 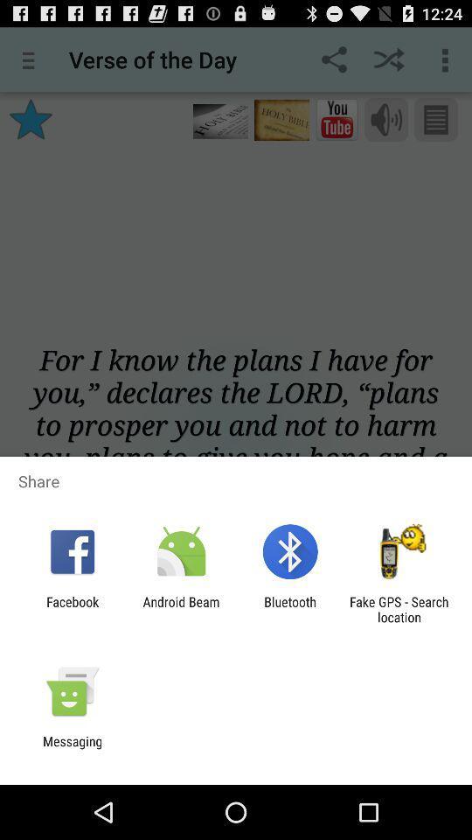 I want to click on bluetooth item, so click(x=290, y=609).